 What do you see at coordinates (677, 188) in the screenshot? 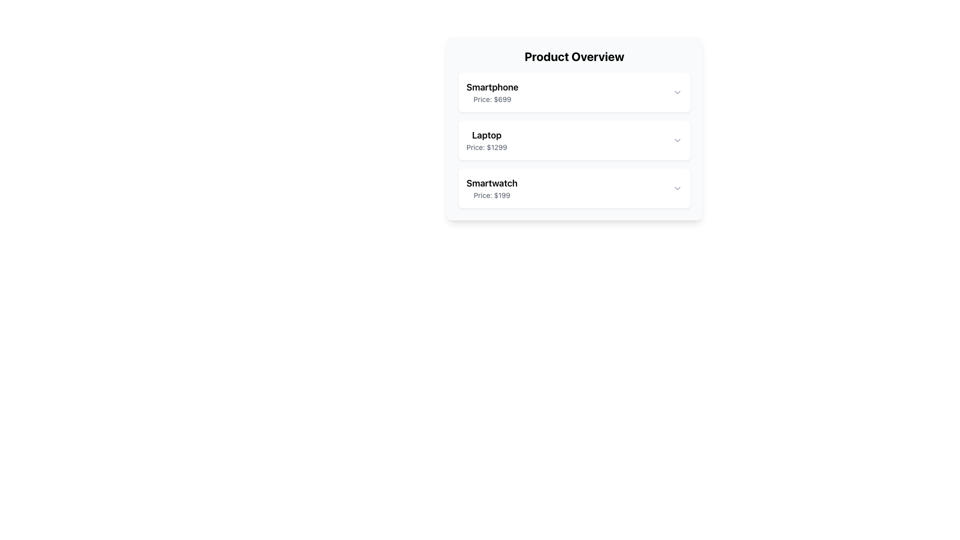
I see `the SVG chevron icon indicating a dropdown for the 'Smartwatch Price: $199' to change its color` at bounding box center [677, 188].